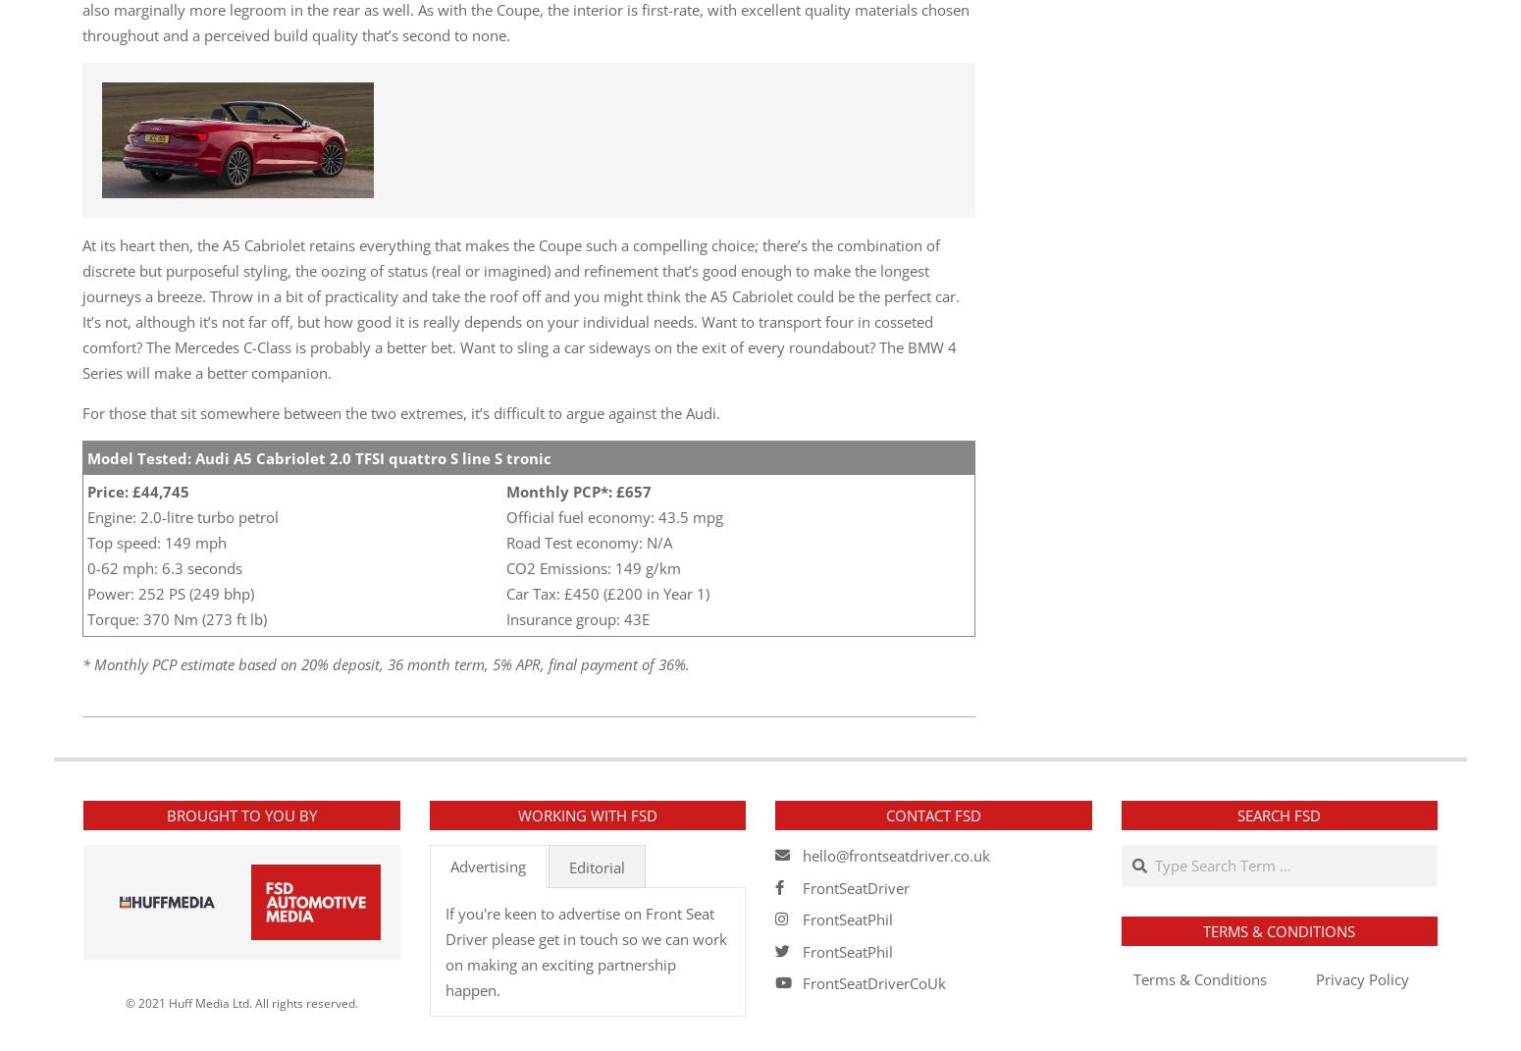 This screenshot has width=1521, height=1051. What do you see at coordinates (896, 856) in the screenshot?
I see `'hello@frontseatdriver.co.uk'` at bounding box center [896, 856].